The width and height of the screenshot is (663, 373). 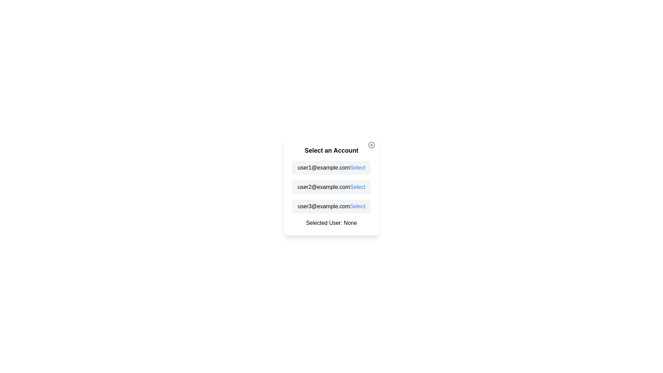 I want to click on close button to close the dialog, so click(x=371, y=145).